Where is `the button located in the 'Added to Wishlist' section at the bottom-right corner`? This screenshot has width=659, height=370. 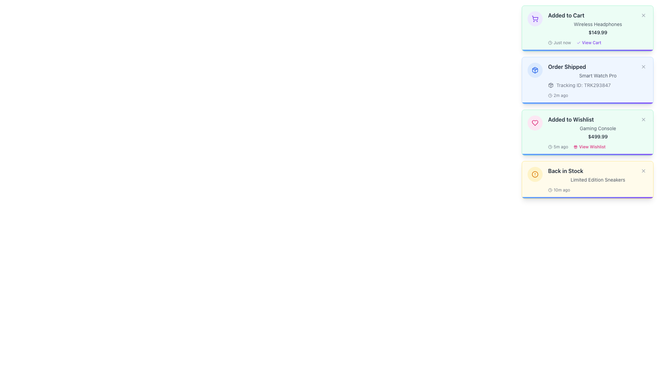 the button located in the 'Added to Wishlist' section at the bottom-right corner is located at coordinates (589, 146).